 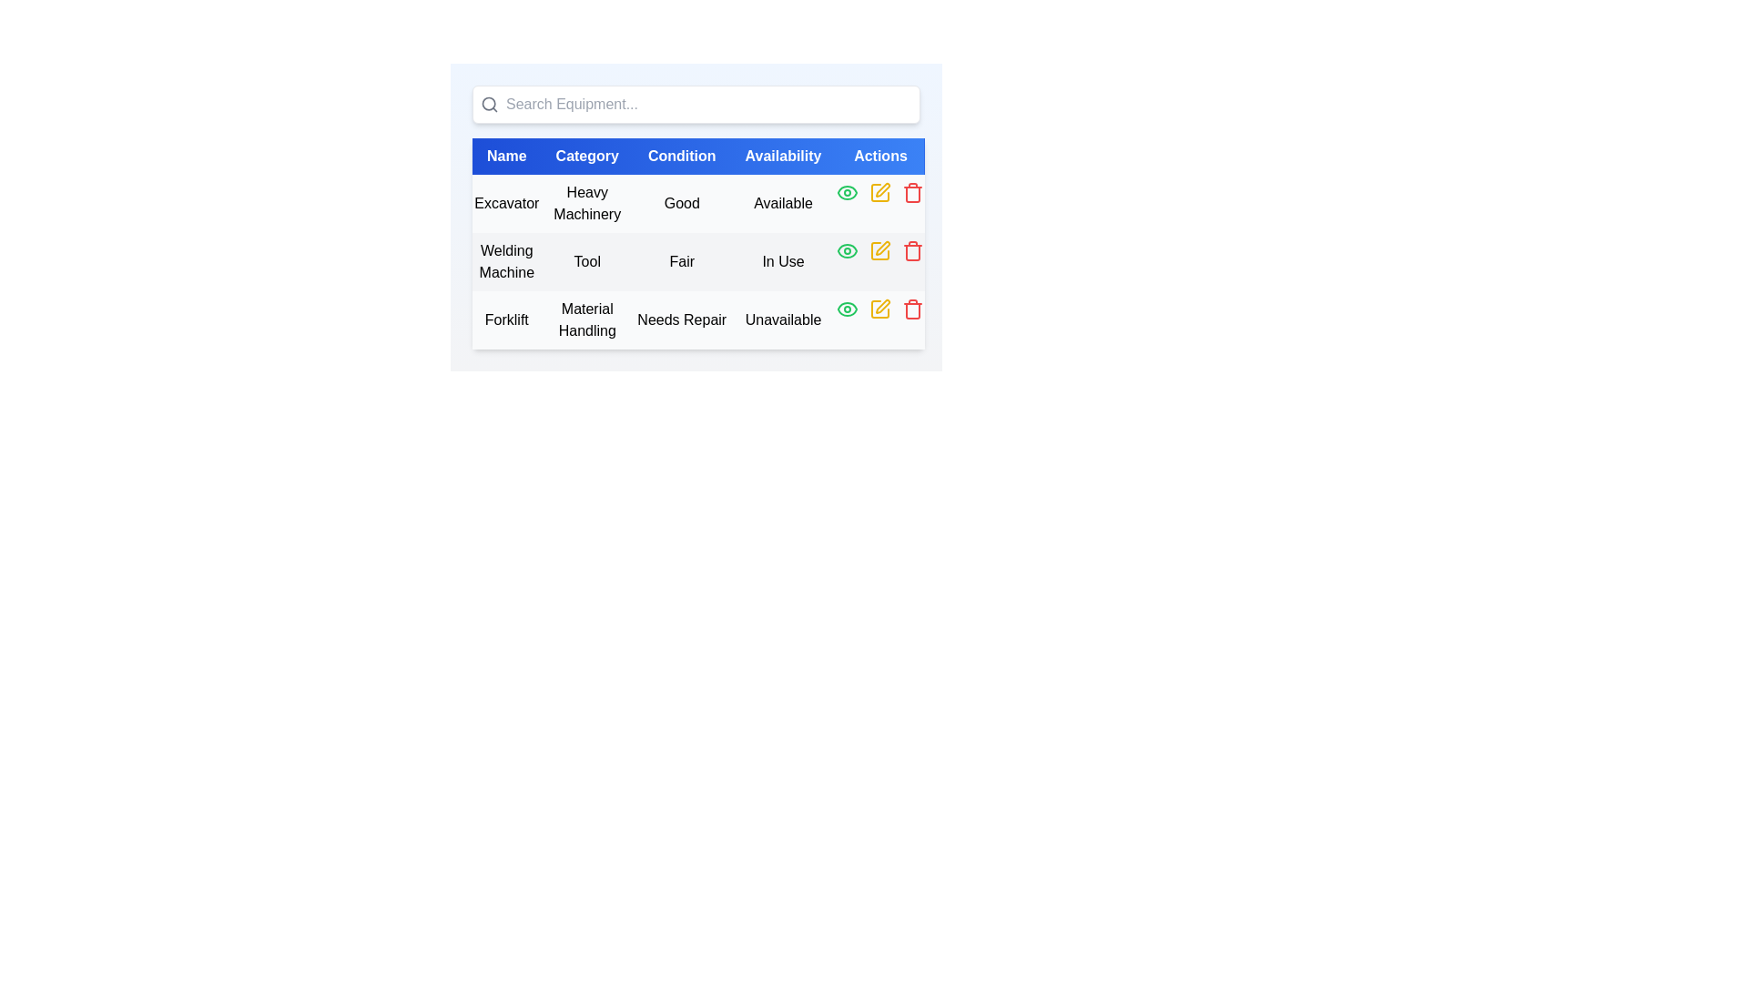 What do you see at coordinates (506, 203) in the screenshot?
I see `the text element displaying 'Excavator'` at bounding box center [506, 203].